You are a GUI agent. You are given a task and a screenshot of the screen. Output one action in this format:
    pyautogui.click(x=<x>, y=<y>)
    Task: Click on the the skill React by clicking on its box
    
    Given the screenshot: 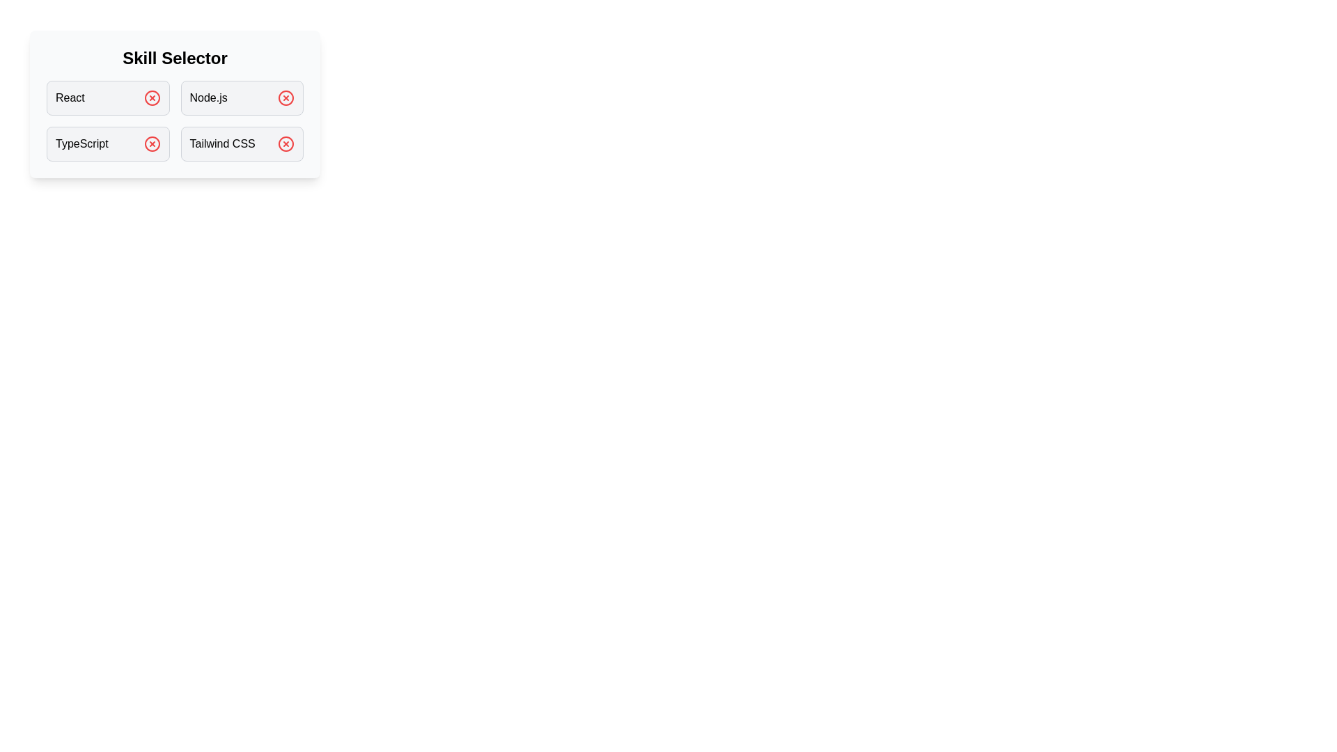 What is the action you would take?
    pyautogui.click(x=107, y=97)
    